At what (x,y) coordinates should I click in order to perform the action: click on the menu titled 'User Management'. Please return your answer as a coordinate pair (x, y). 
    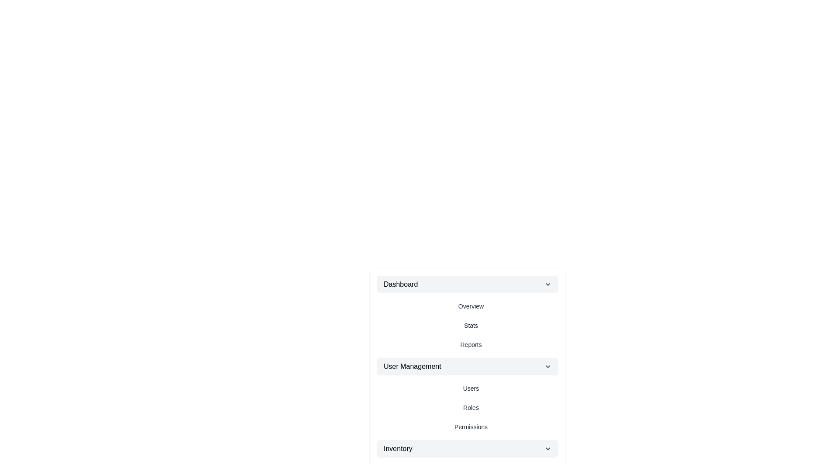
    Looking at the image, I should click on (467, 367).